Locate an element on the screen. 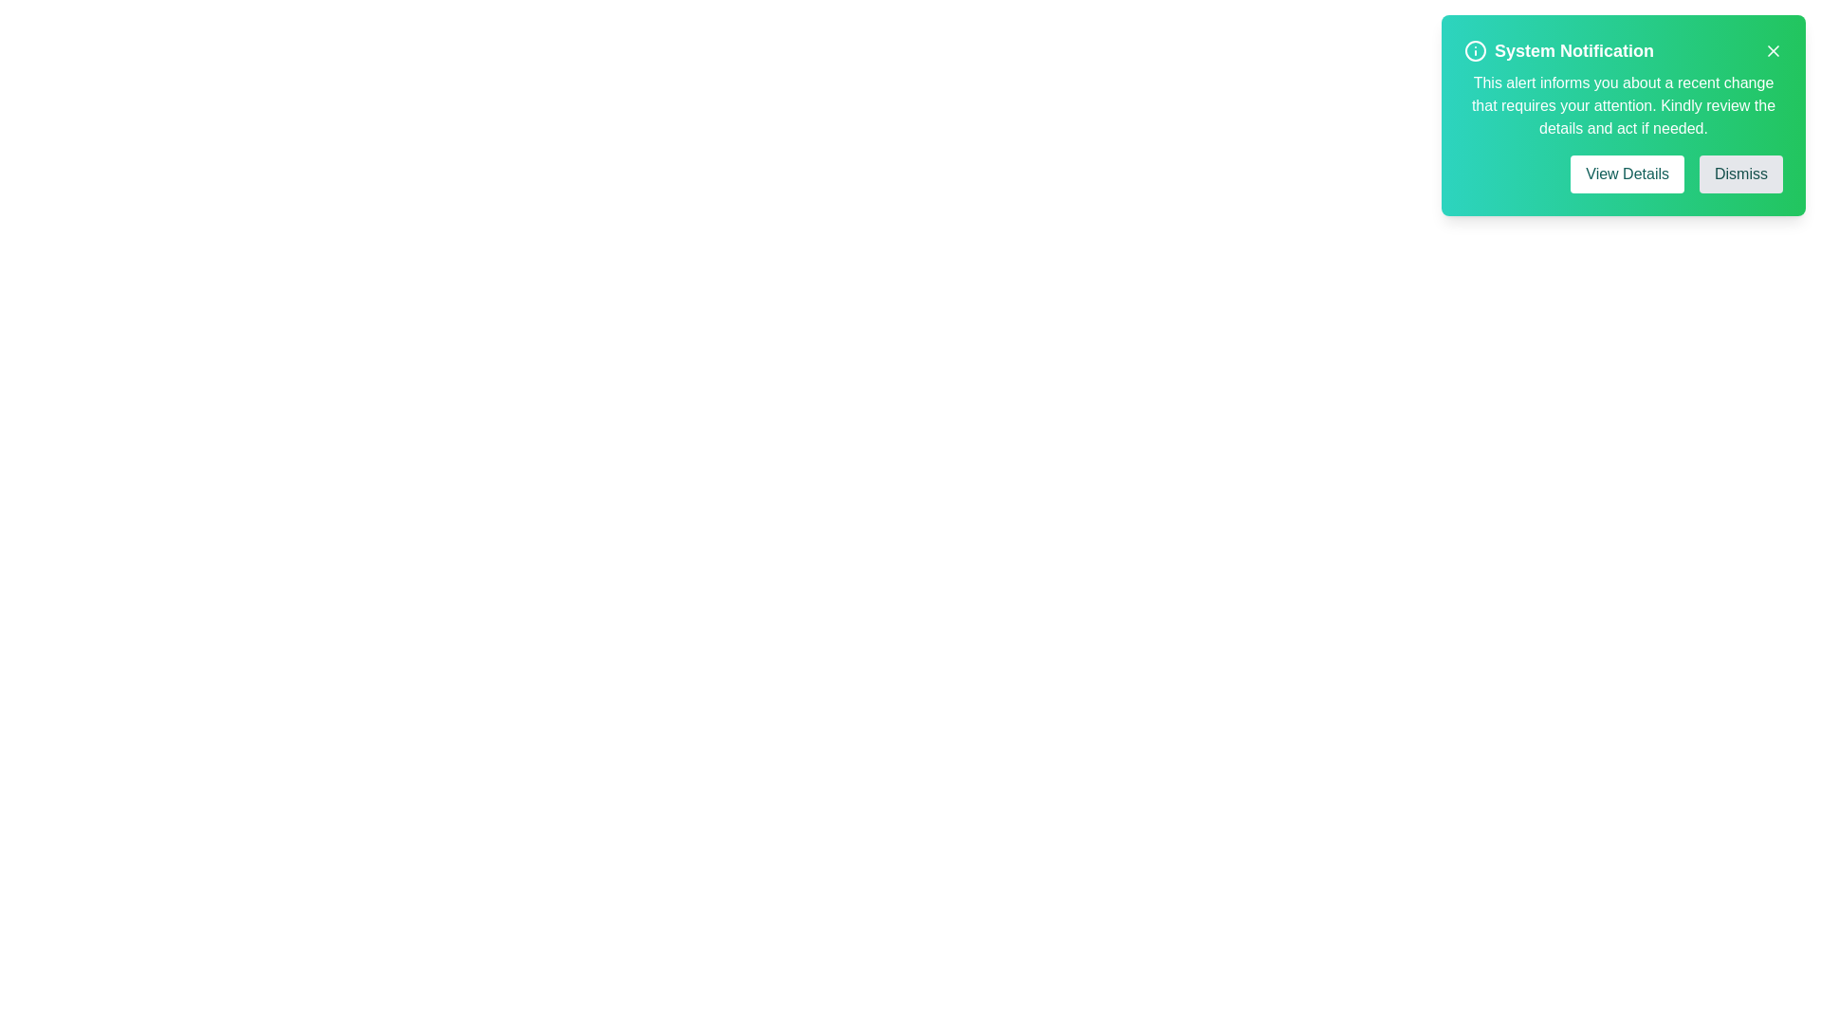  close button to dismiss the alert is located at coordinates (1773, 50).